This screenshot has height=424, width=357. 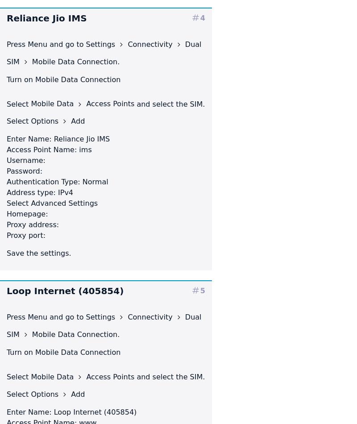 What do you see at coordinates (6, 170) in the screenshot?
I see `'Password:'` at bounding box center [6, 170].